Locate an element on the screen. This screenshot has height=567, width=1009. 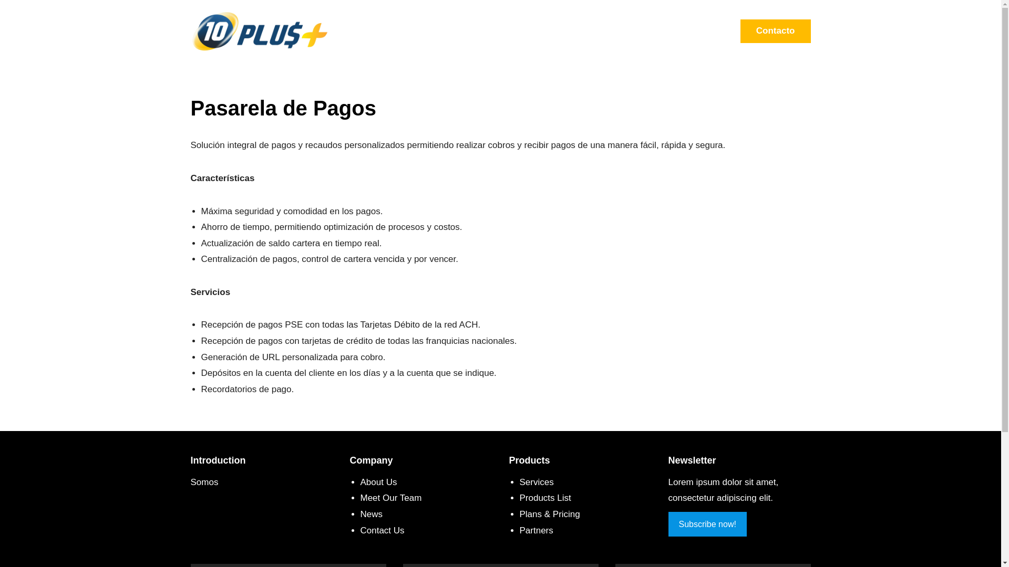
'Services' is located at coordinates (536, 482).